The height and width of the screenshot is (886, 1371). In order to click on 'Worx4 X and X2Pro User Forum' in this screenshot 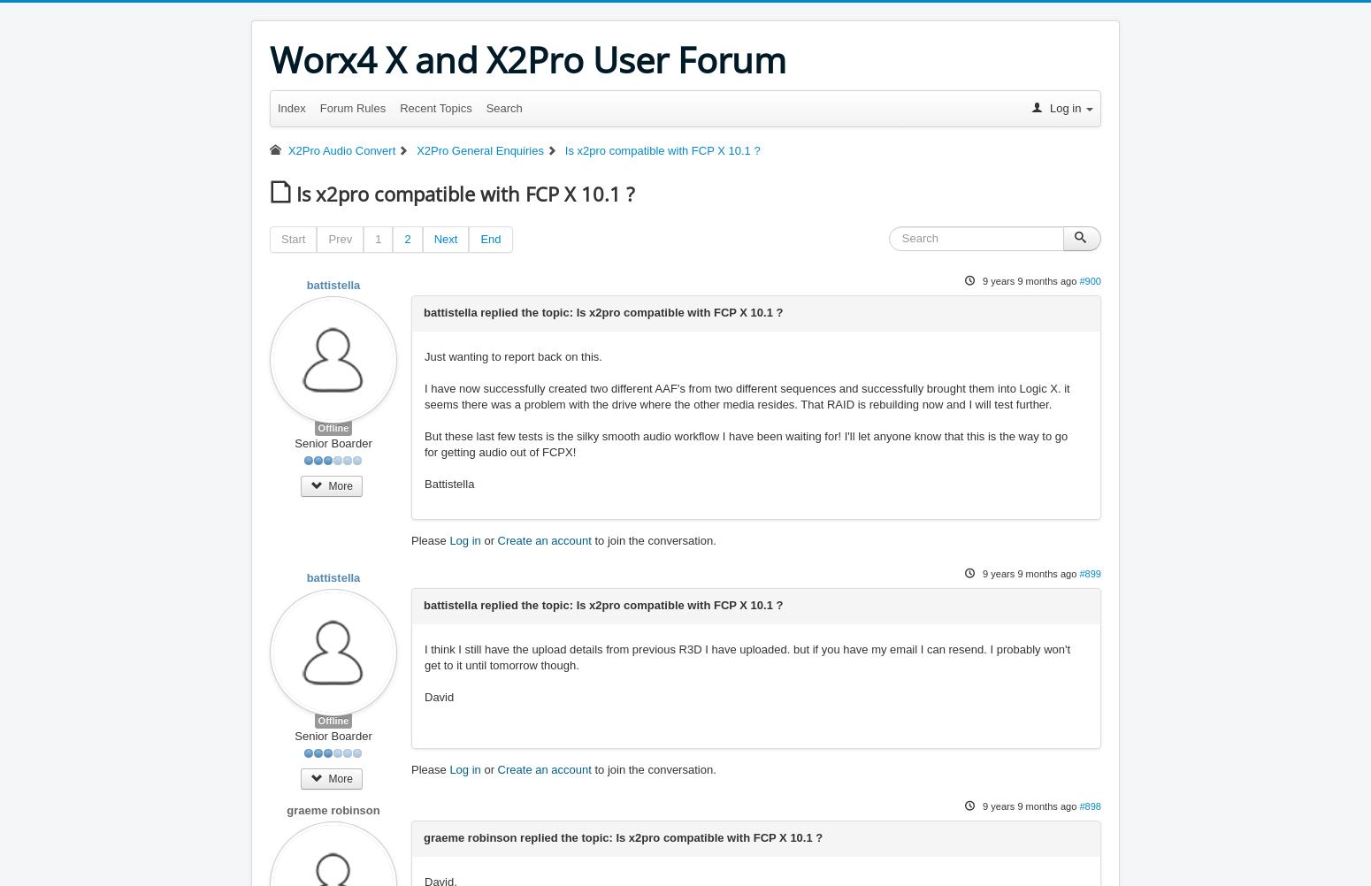, I will do `click(528, 59)`.